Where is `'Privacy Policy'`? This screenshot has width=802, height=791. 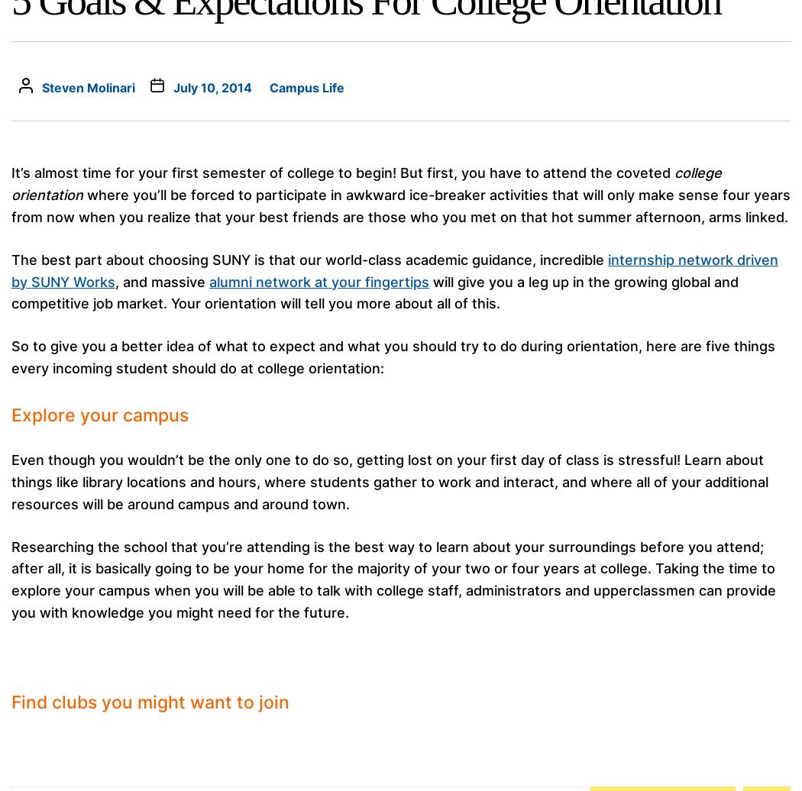
'Privacy Policy' is located at coordinates (328, 657).